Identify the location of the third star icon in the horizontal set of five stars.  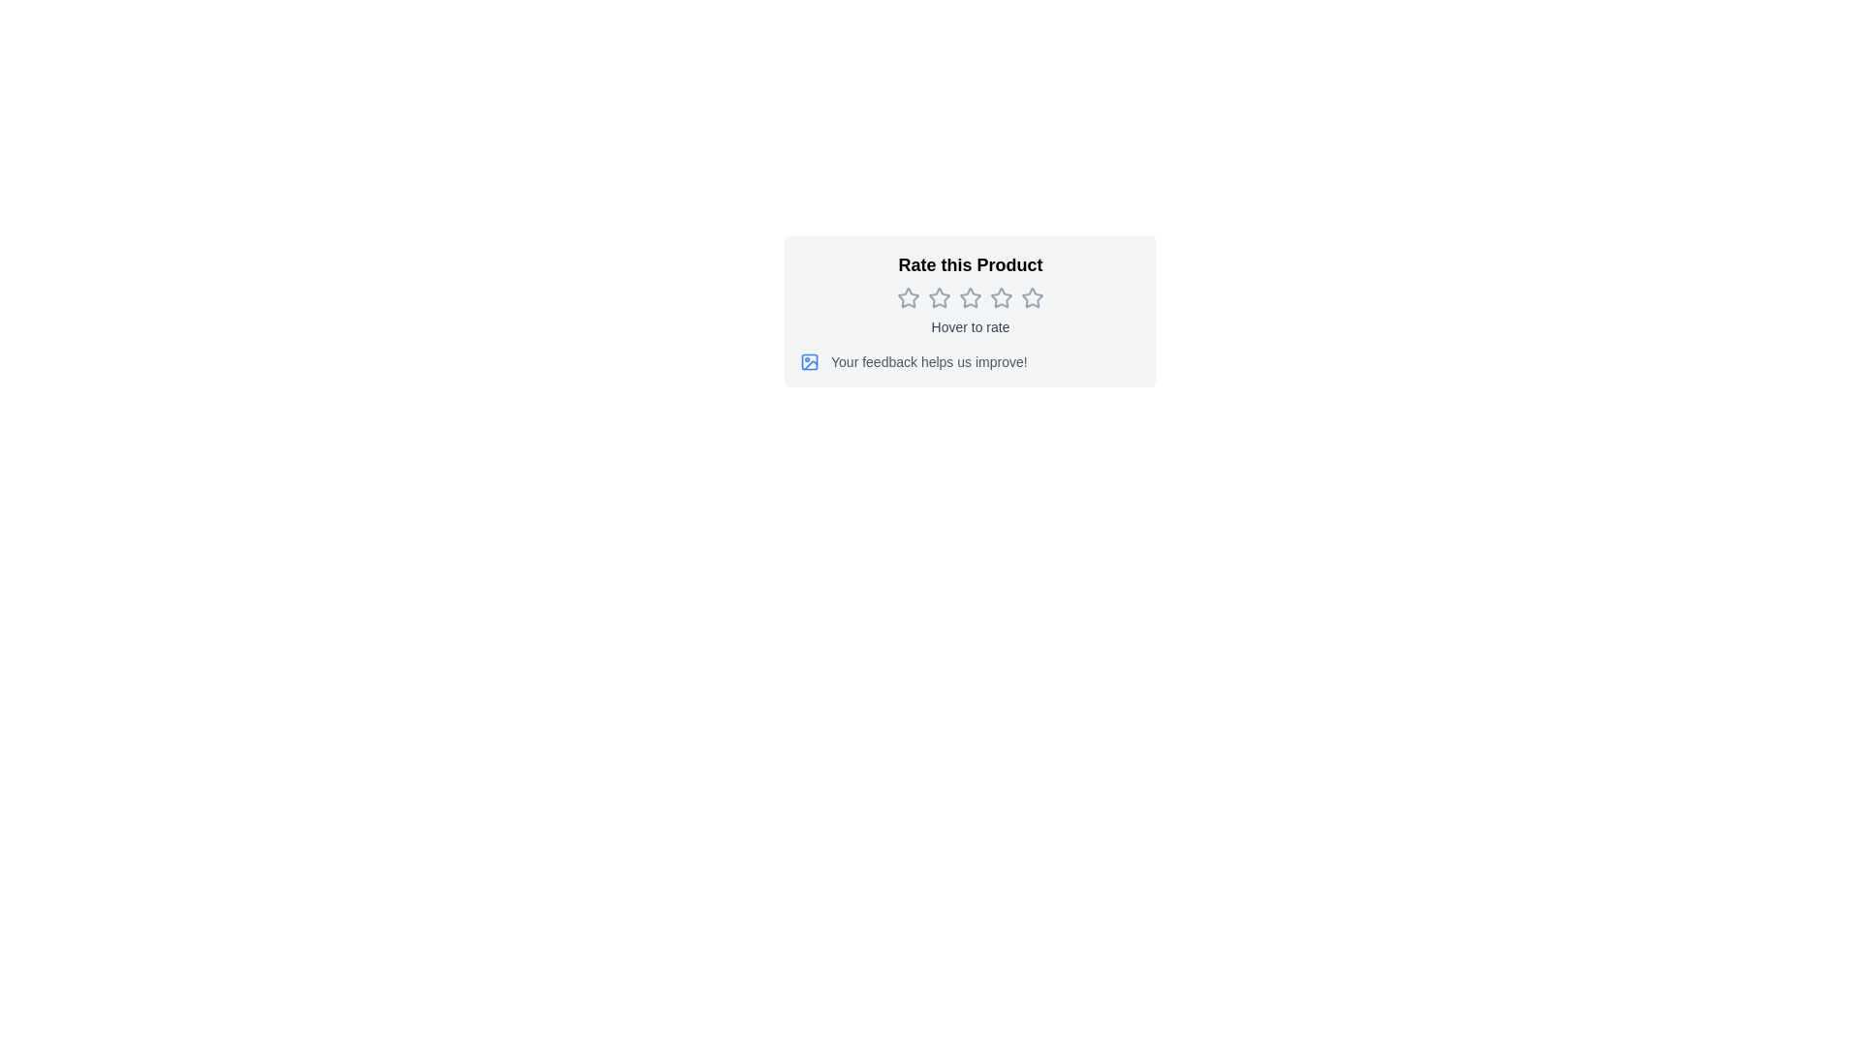
(1001, 297).